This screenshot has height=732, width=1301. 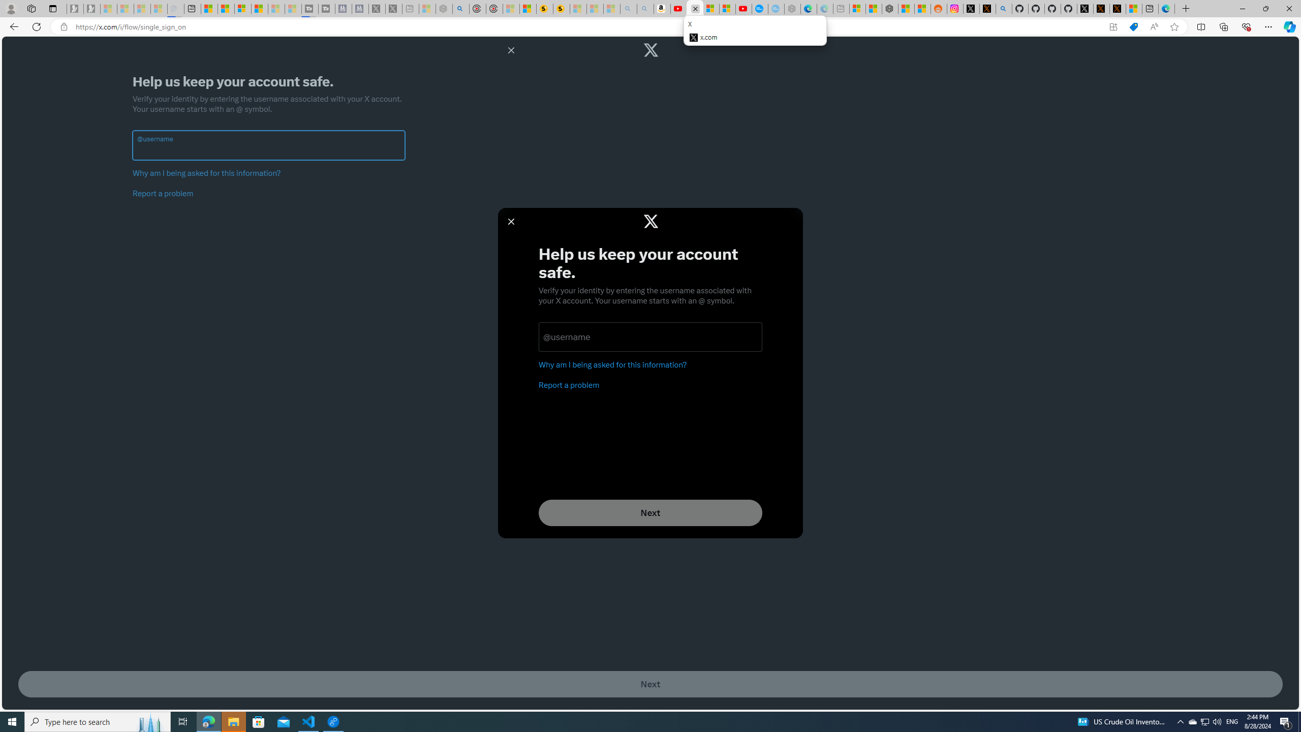 What do you see at coordinates (890, 8) in the screenshot?
I see `'Nordace - Duffels'` at bounding box center [890, 8].